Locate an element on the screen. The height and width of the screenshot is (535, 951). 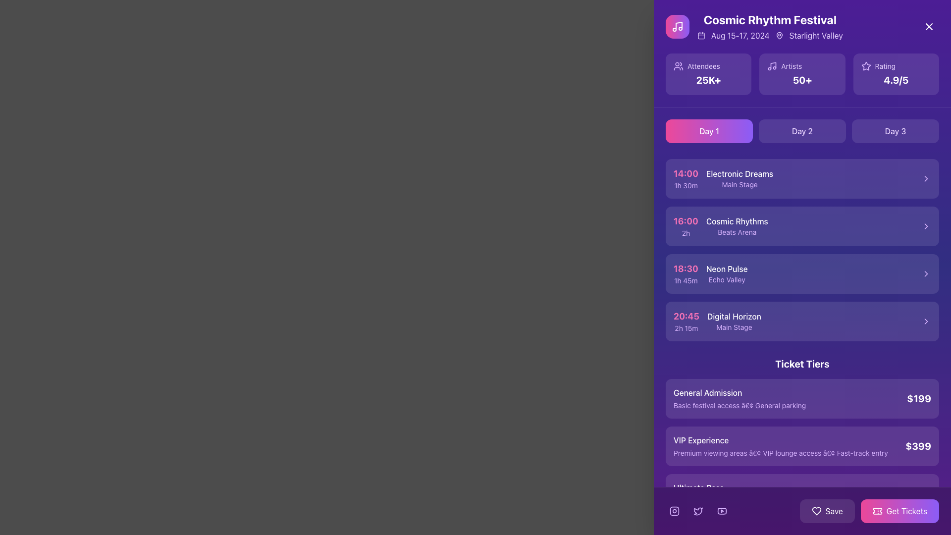
the combined text labels displaying a pink '16:00' start time and a purple '2h' duration, which are located in the timetable under the 'Cosmic Rhythms' event is located at coordinates (685, 226).